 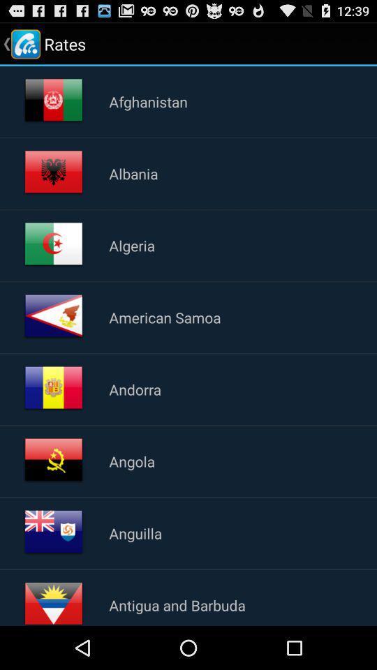 What do you see at coordinates (147, 100) in the screenshot?
I see `afghanistan icon` at bounding box center [147, 100].